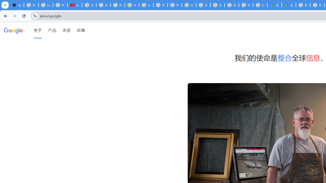 This screenshot has height=183, width=326. Describe the element at coordinates (260, 5) in the screenshot. I see `'Create your Google Account'` at that location.